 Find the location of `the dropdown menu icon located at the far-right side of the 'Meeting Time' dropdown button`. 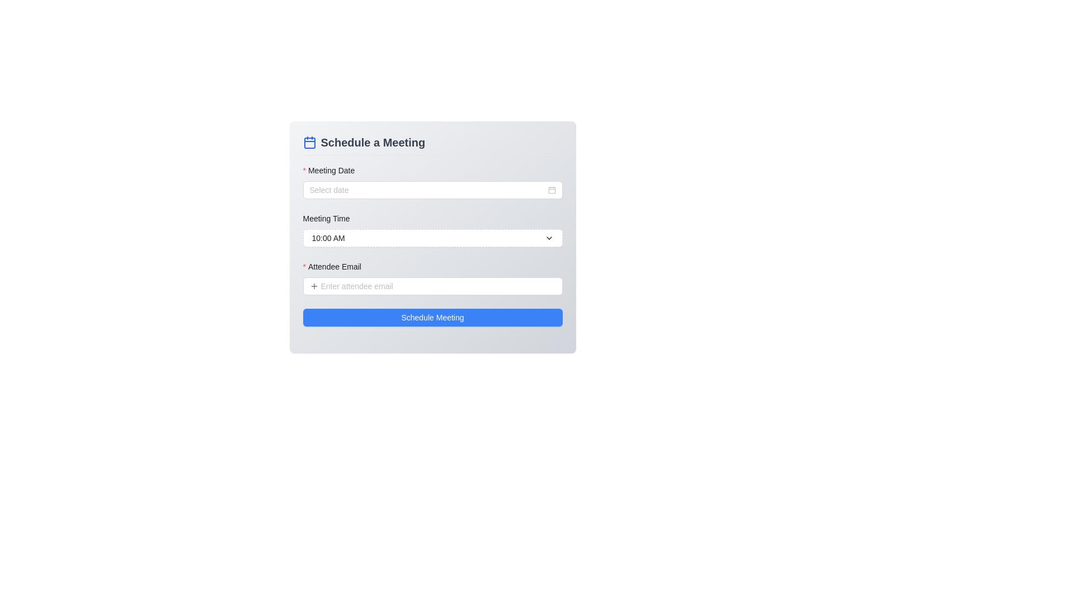

the dropdown menu icon located at the far-right side of the 'Meeting Time' dropdown button is located at coordinates (549, 237).